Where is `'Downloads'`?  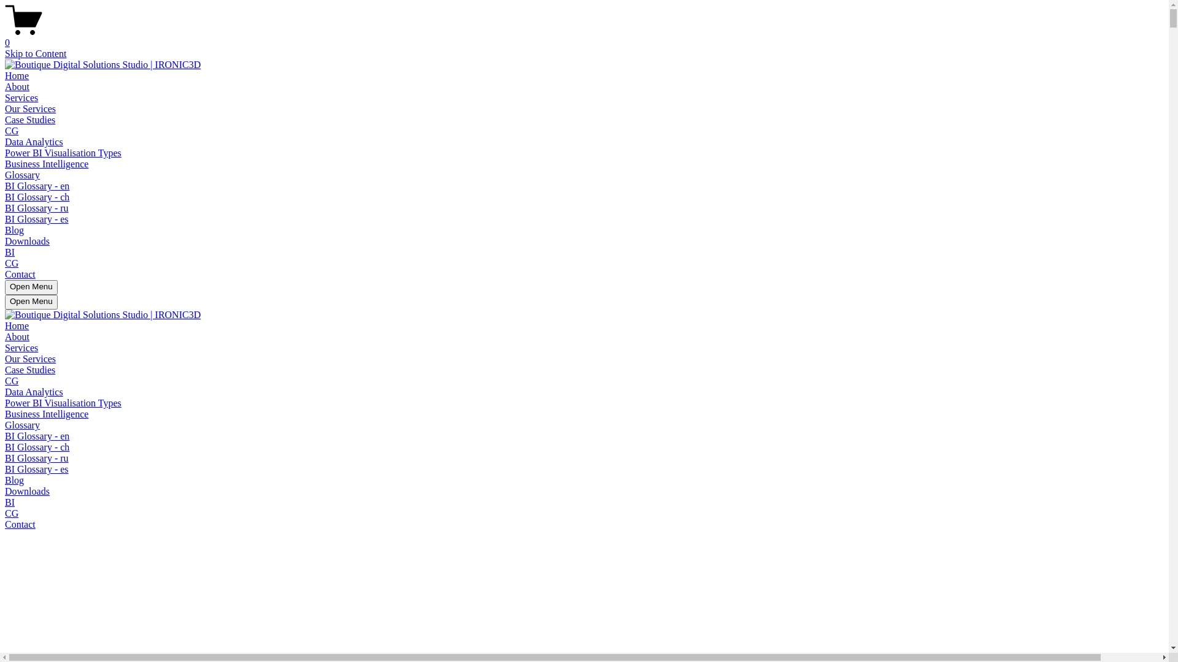 'Downloads' is located at coordinates (27, 241).